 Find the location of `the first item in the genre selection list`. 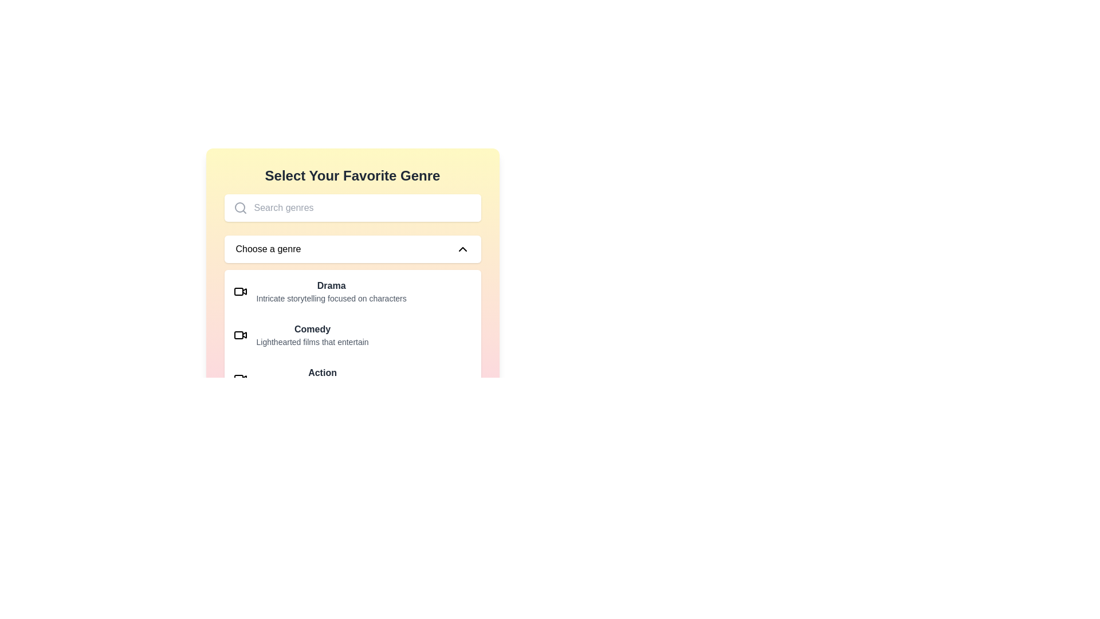

the first item in the genre selection list is located at coordinates (331, 291).